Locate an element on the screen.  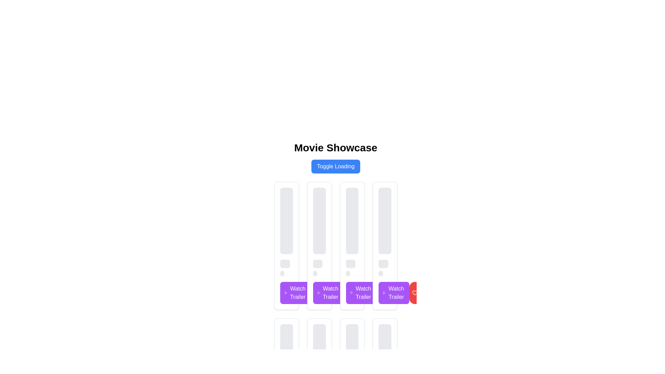
the Static placeholder component located below a taller rectangle and above a shorter one in the first column of a grid-like layout is located at coordinates (285, 264).